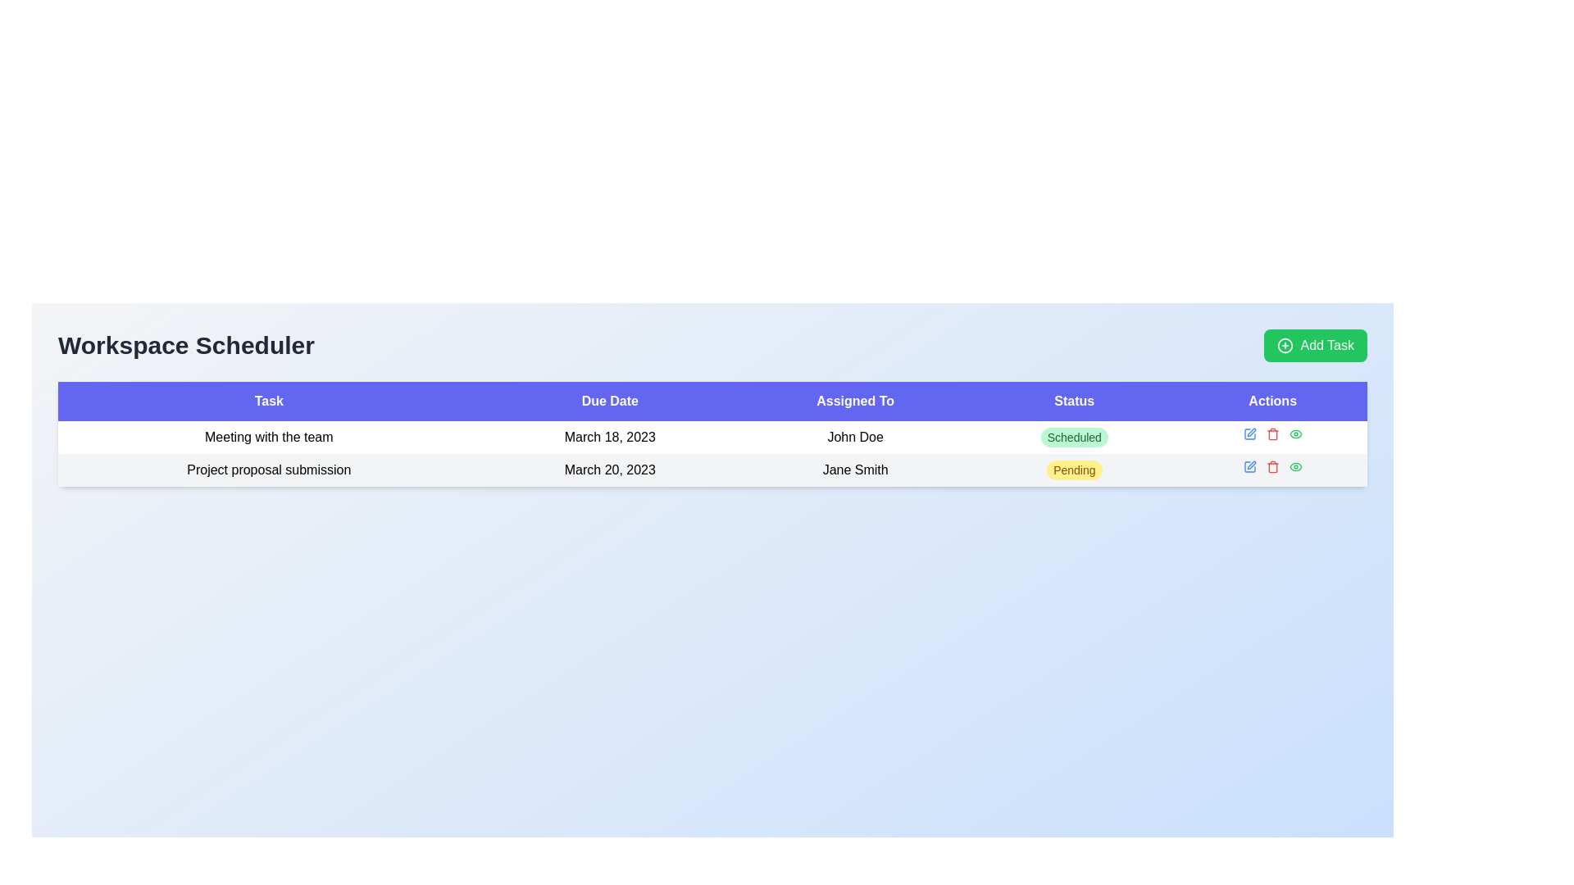 The width and height of the screenshot is (1574, 885). I want to click on the delete icon button located in the second row of the 'Actions' column in the table, so click(1271, 467).